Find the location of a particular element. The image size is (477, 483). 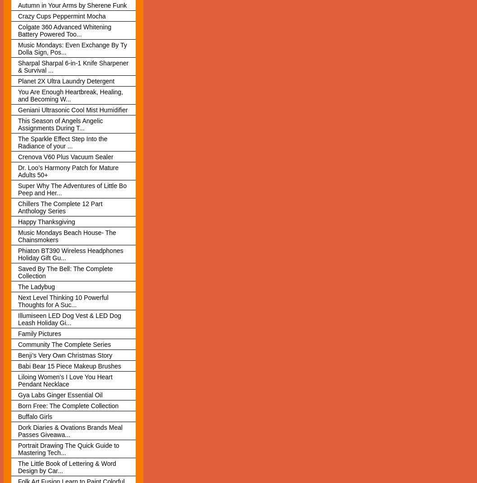

'Super Why The Adventures of Little Bo Peep and Her...' is located at coordinates (72, 189).